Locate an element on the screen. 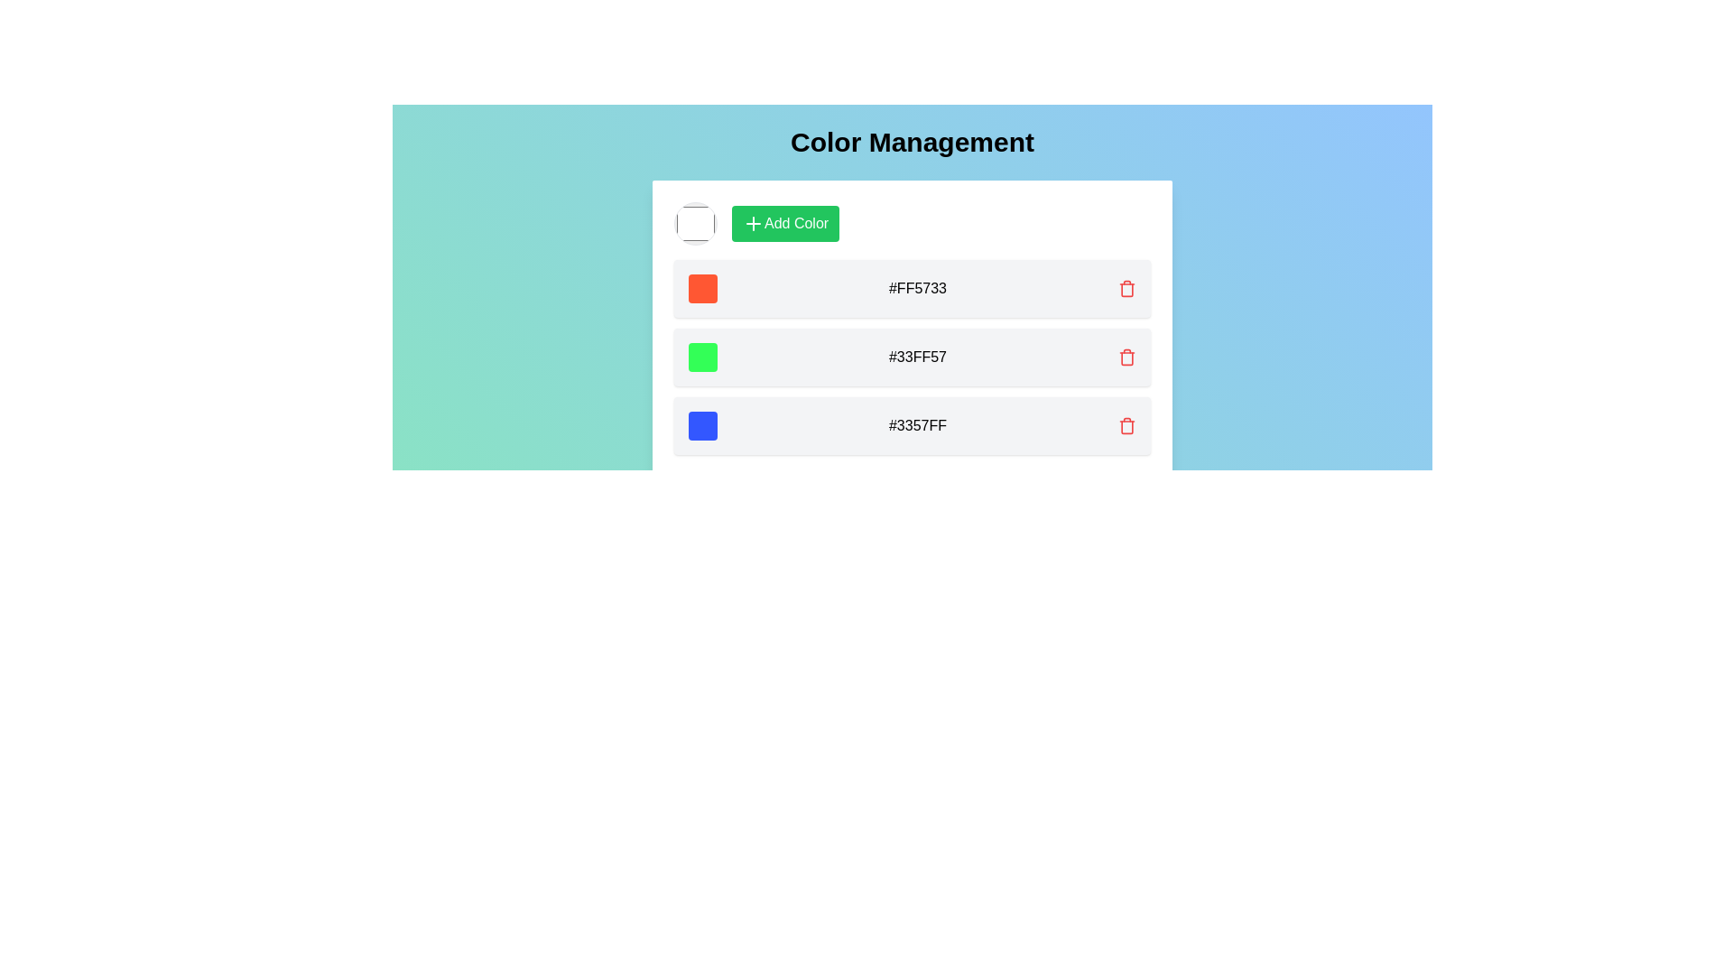  the red trash bin icon button located at the far right of the row containing the text '#33FF57' in the 'Color Management' interface is located at coordinates (1126, 357).